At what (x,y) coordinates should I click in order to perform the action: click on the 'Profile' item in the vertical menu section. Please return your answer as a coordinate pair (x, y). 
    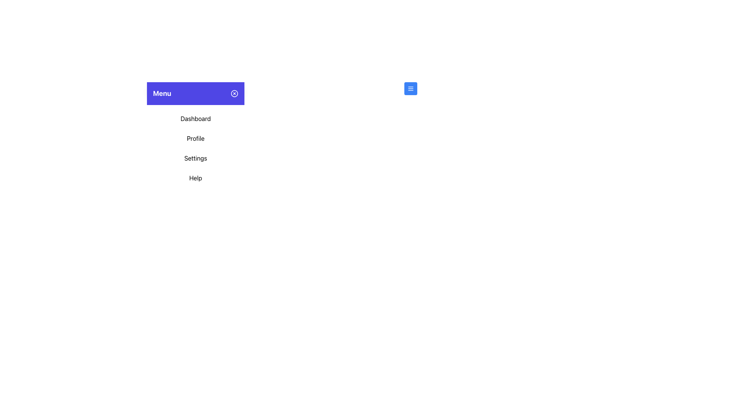
    Looking at the image, I should click on (195, 148).